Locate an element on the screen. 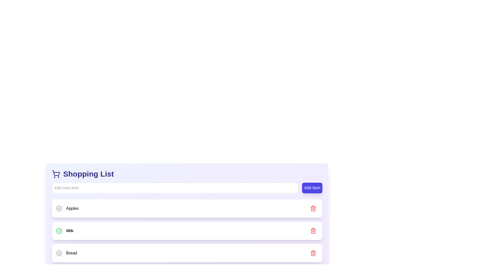  the green circular icon that indicates a completed or approved action, located to the left of the text labeled 'Milk' in the shopping list is located at coordinates (60, 230).